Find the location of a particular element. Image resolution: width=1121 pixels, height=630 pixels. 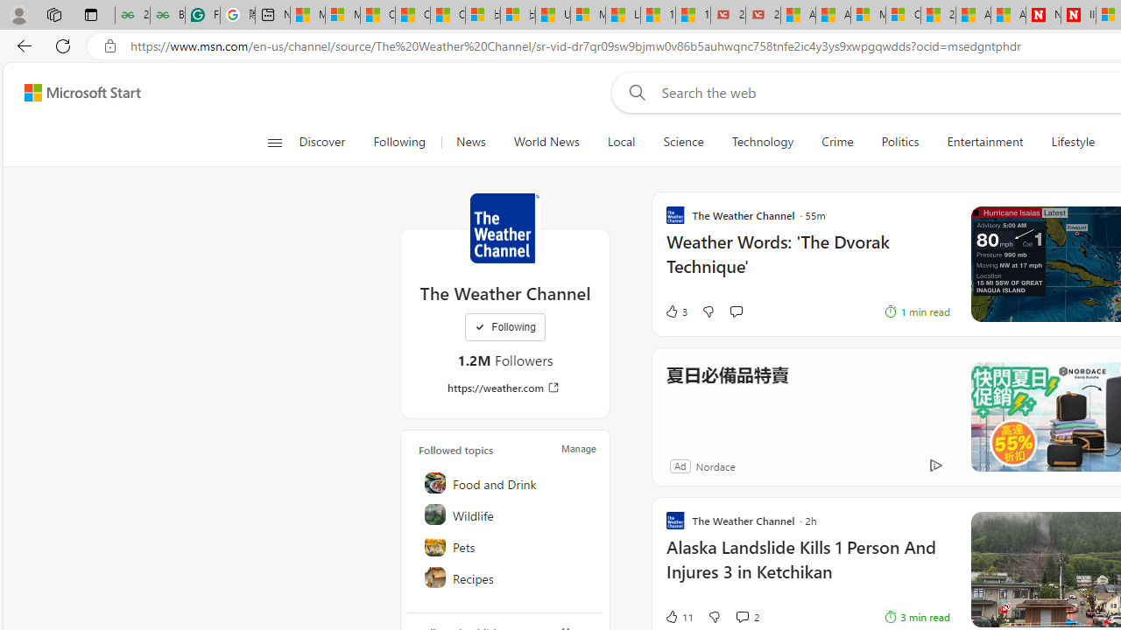

'15 Ways Modern Life Contradicts the Teachings of Jesus' is located at coordinates (692, 15).